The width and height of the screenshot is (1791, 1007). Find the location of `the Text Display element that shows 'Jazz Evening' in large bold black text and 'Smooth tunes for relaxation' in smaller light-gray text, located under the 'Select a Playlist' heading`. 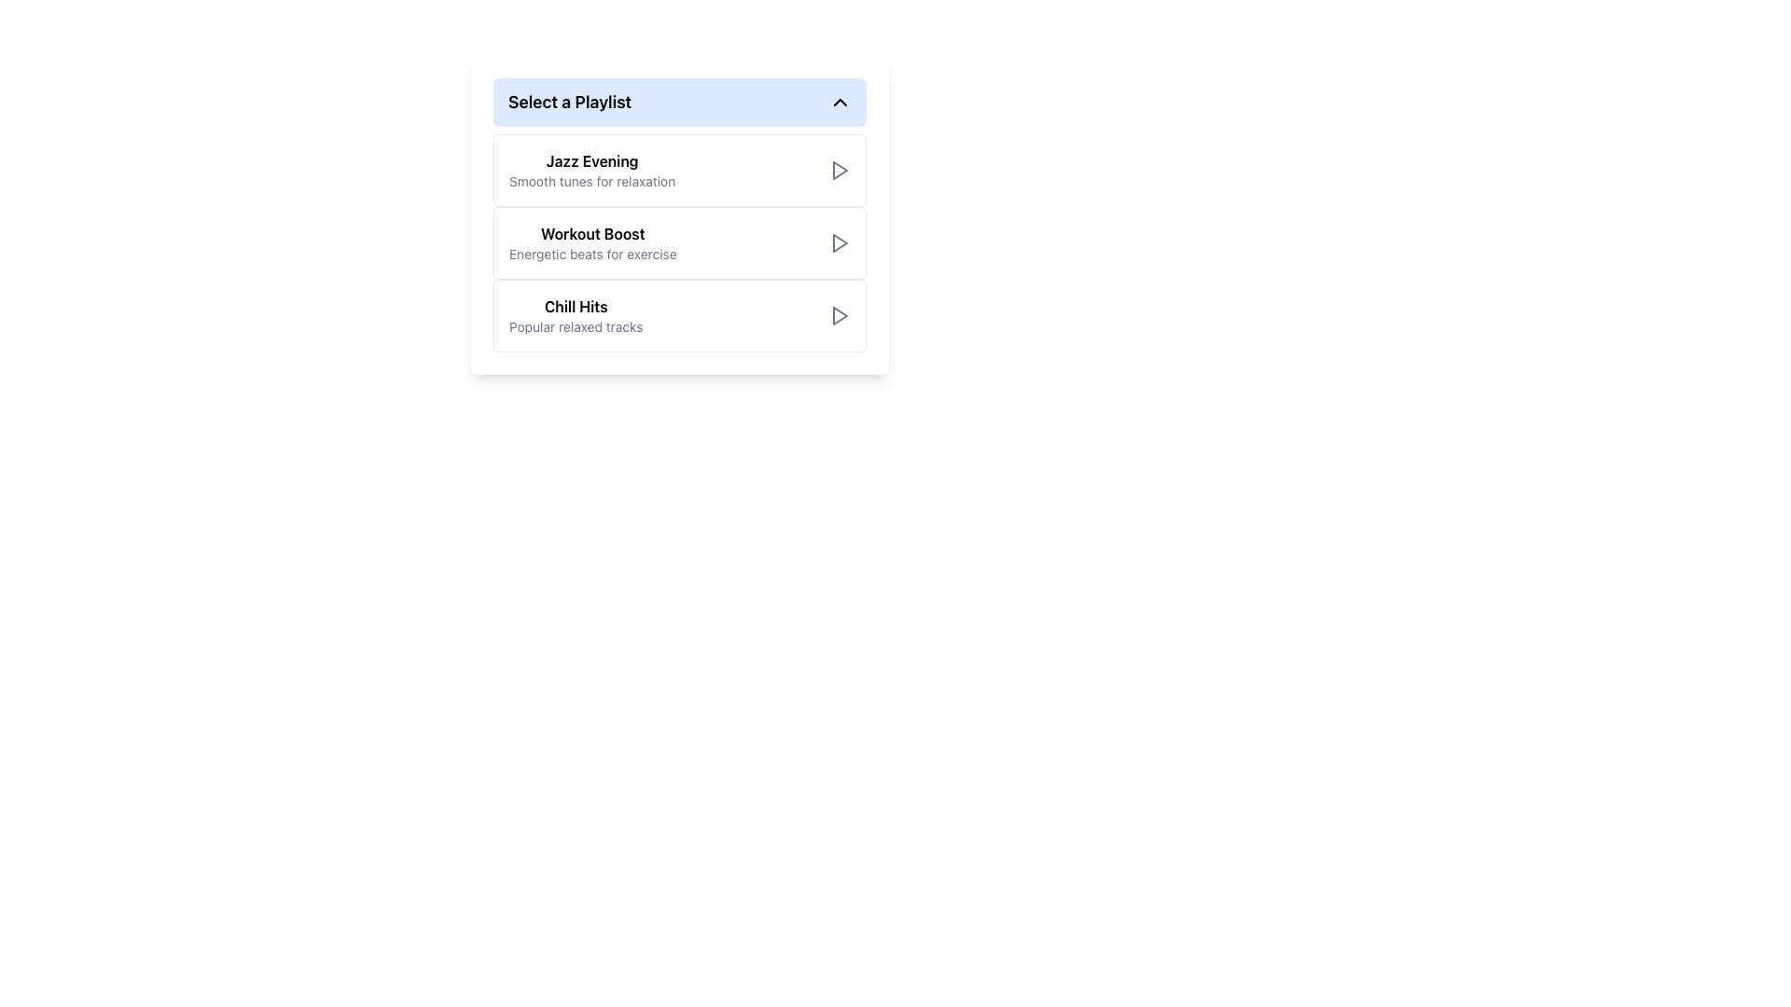

the Text Display element that shows 'Jazz Evening' in large bold black text and 'Smooth tunes for relaxation' in smaller light-gray text, located under the 'Select a Playlist' heading is located at coordinates (591, 170).